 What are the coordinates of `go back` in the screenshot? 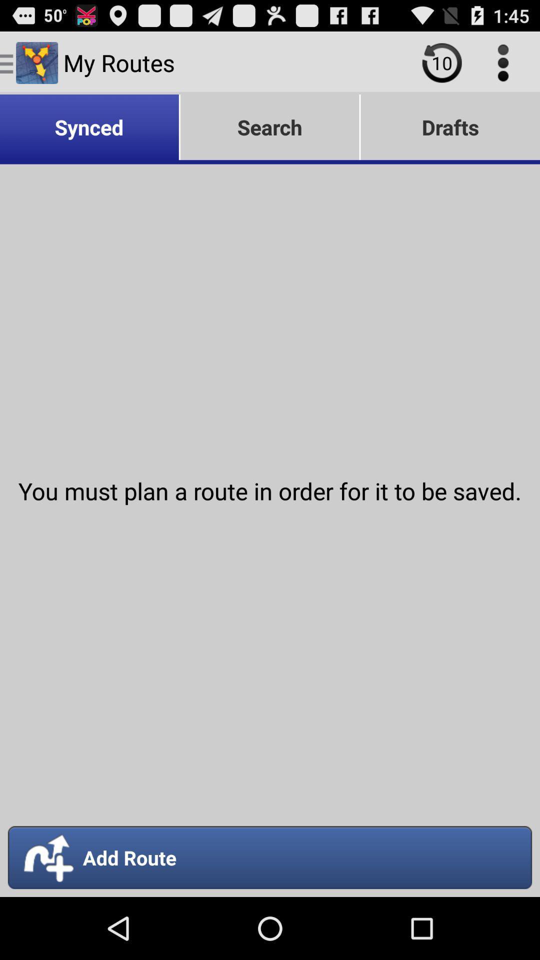 It's located at (441, 62).